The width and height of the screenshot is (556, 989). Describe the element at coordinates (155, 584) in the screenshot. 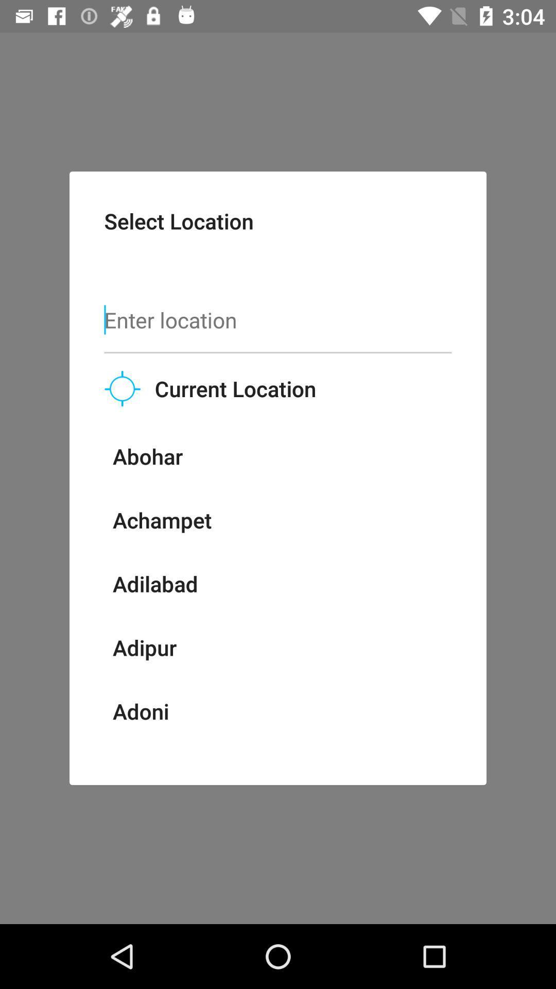

I see `the icon above adipur icon` at that location.